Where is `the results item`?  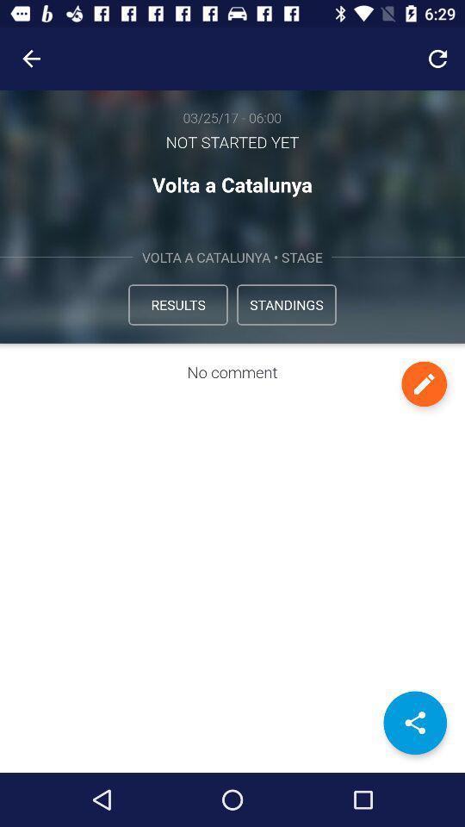 the results item is located at coordinates (177, 304).